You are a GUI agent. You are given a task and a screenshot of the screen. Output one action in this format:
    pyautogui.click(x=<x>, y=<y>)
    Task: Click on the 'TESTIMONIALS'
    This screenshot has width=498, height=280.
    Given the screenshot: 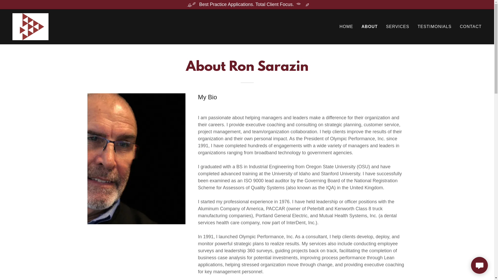 What is the action you would take?
    pyautogui.click(x=416, y=27)
    